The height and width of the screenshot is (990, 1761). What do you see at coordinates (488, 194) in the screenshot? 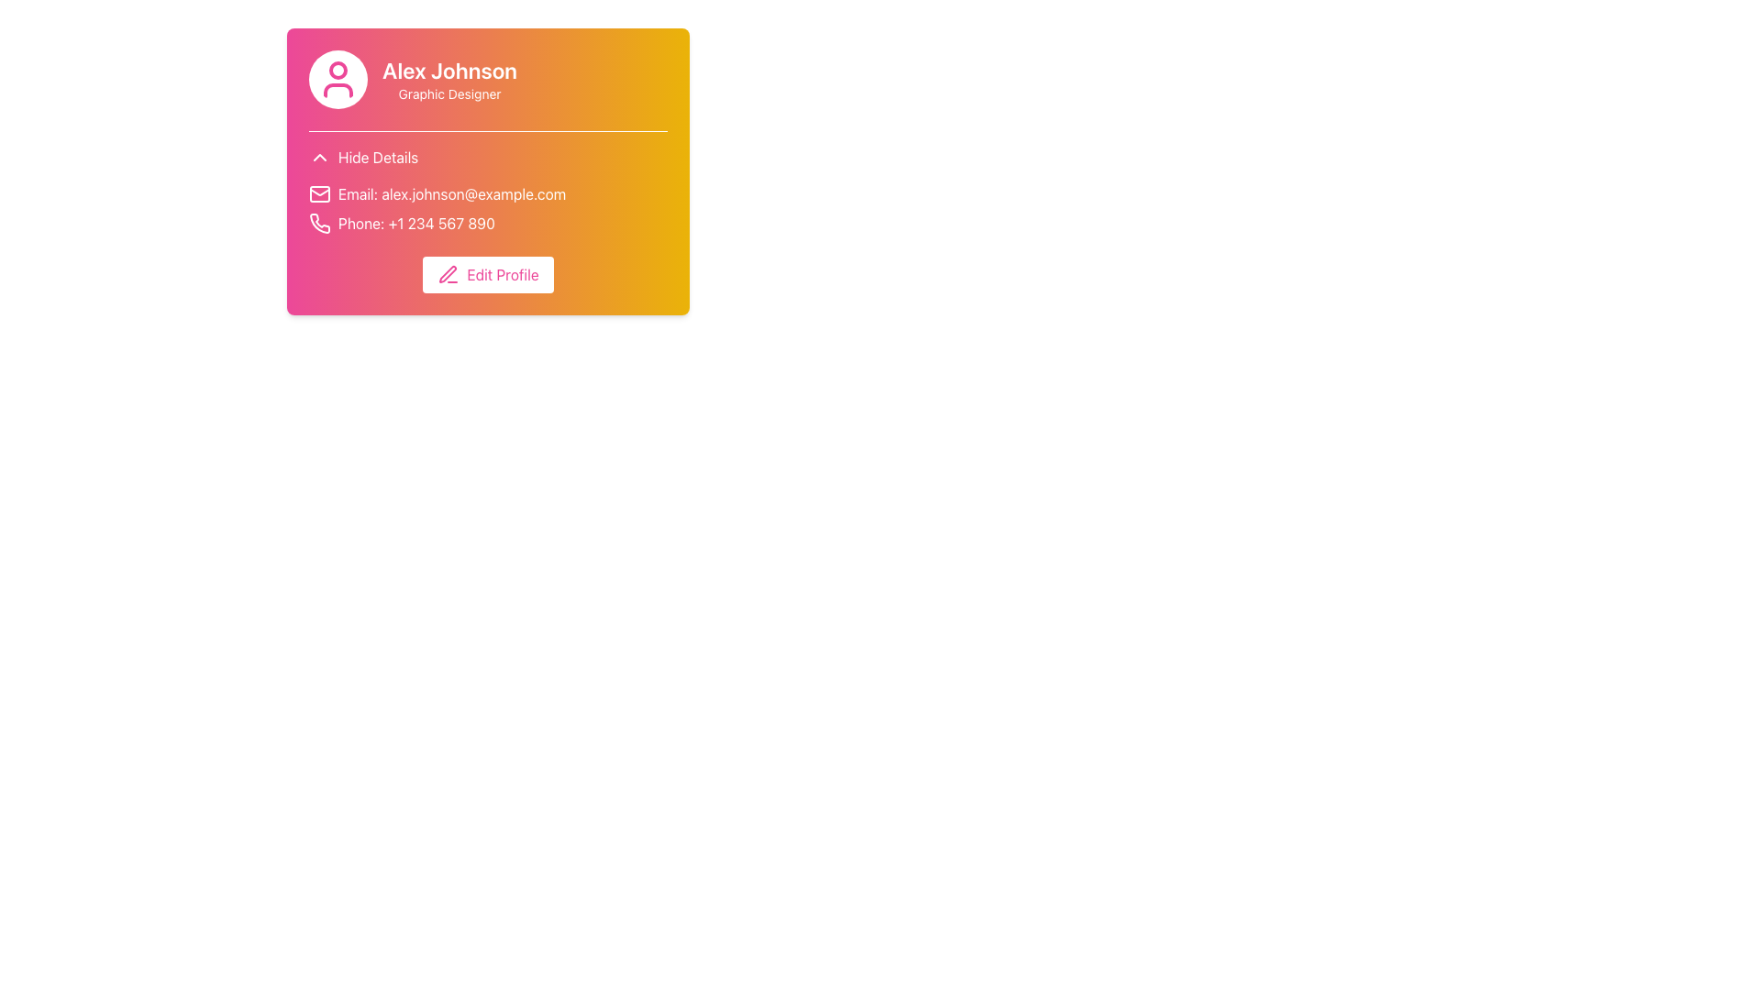
I see `the label displaying the email address, which is the first item in the contact details block, positioned above the phone number entry` at bounding box center [488, 194].